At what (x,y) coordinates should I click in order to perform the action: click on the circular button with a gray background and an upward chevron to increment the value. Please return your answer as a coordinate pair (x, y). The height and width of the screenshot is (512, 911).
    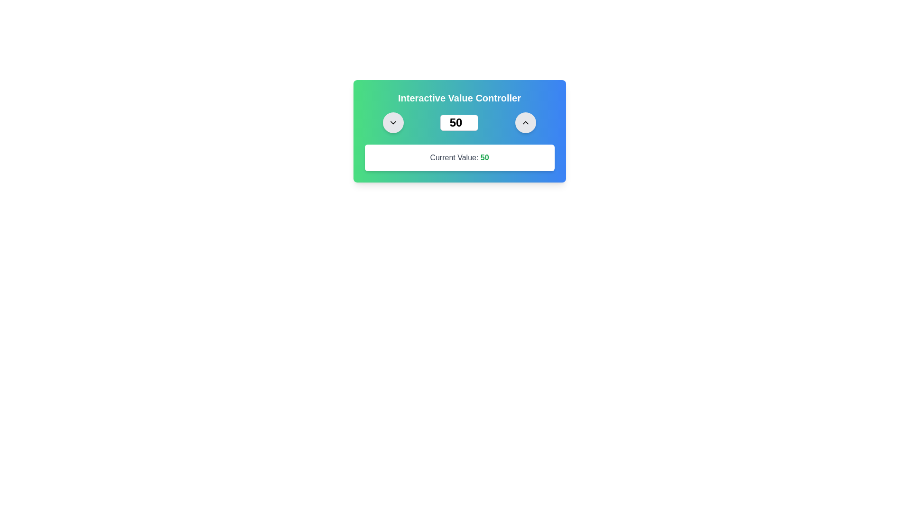
    Looking at the image, I should click on (525, 122).